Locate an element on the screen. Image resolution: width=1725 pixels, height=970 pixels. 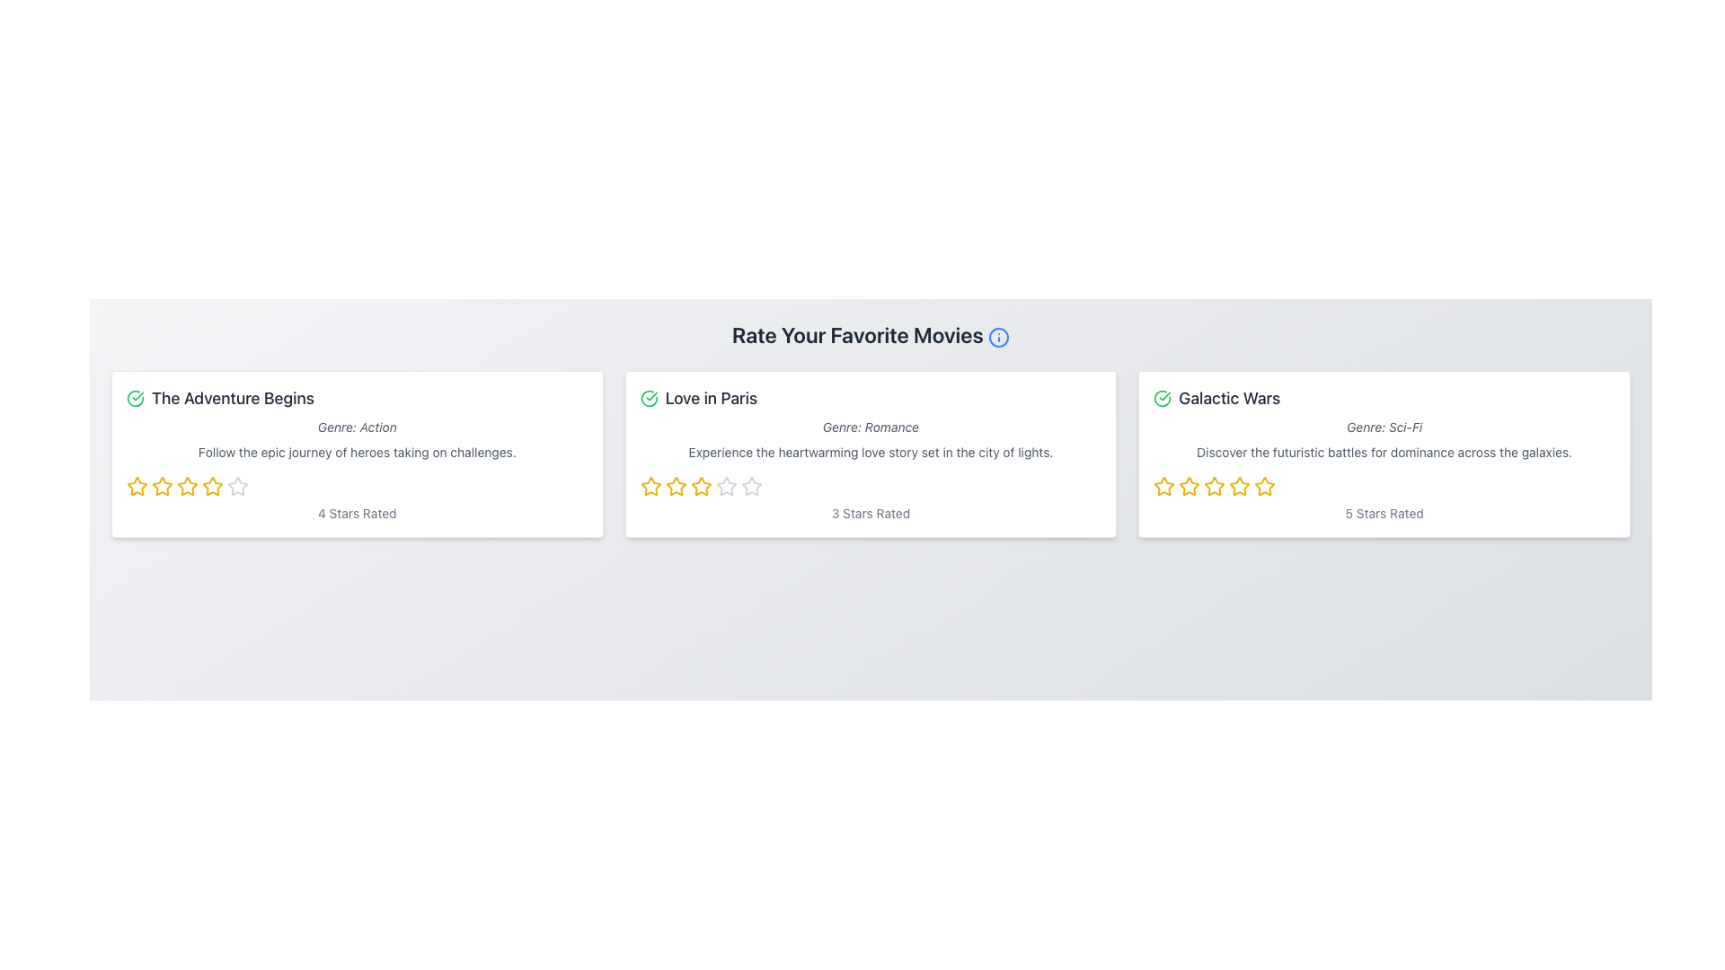
a star in the rating system under the 'Love in Paris' card is located at coordinates (871, 487).